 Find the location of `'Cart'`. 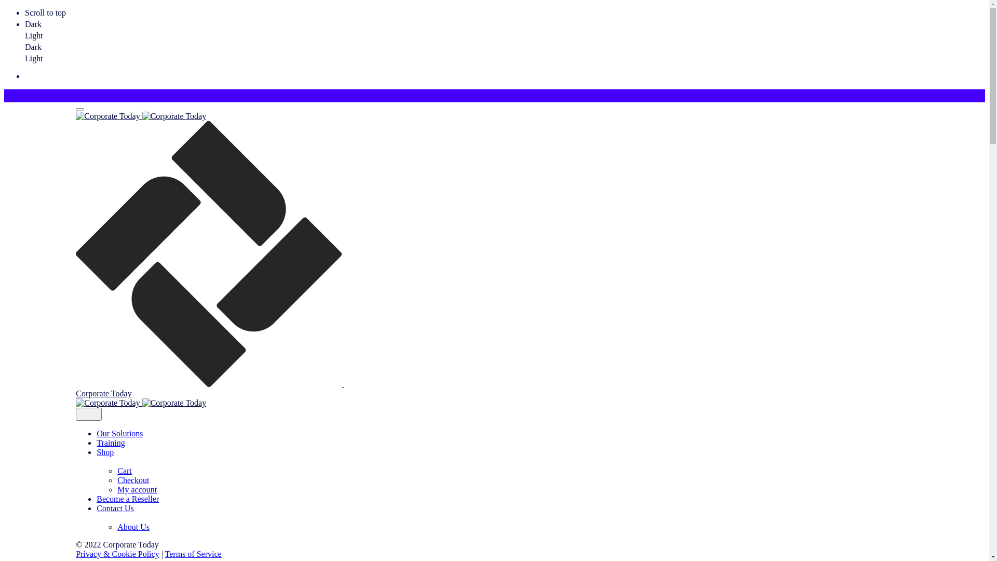

'Cart' is located at coordinates (125, 471).